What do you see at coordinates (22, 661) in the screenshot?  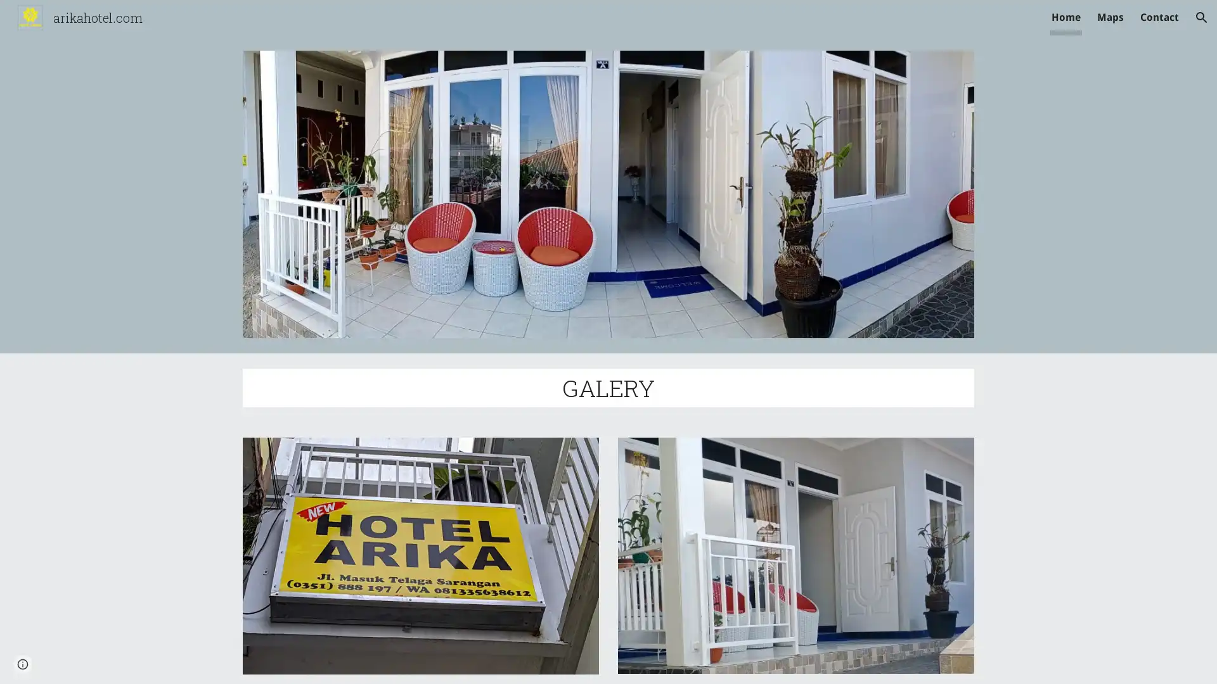 I see `Site actions` at bounding box center [22, 661].